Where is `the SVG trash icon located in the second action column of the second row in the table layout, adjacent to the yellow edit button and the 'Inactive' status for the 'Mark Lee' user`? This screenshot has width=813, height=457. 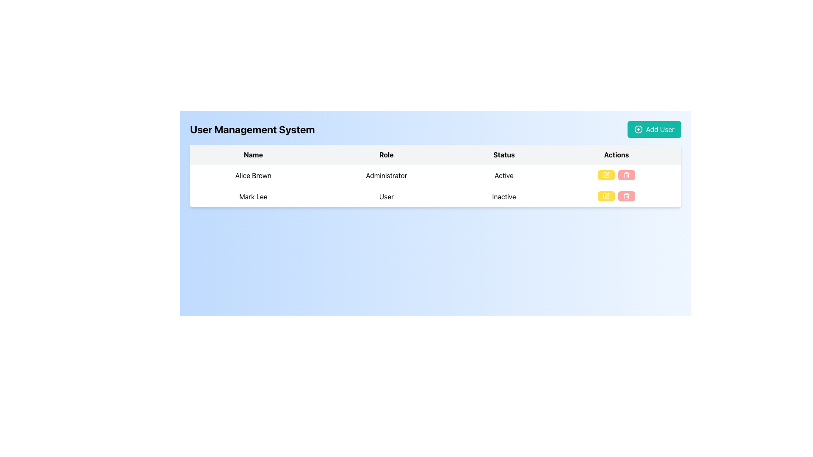 the SVG trash icon located in the second action column of the second row in the table layout, adjacent to the yellow edit button and the 'Inactive' status for the 'Mark Lee' user is located at coordinates (626, 175).